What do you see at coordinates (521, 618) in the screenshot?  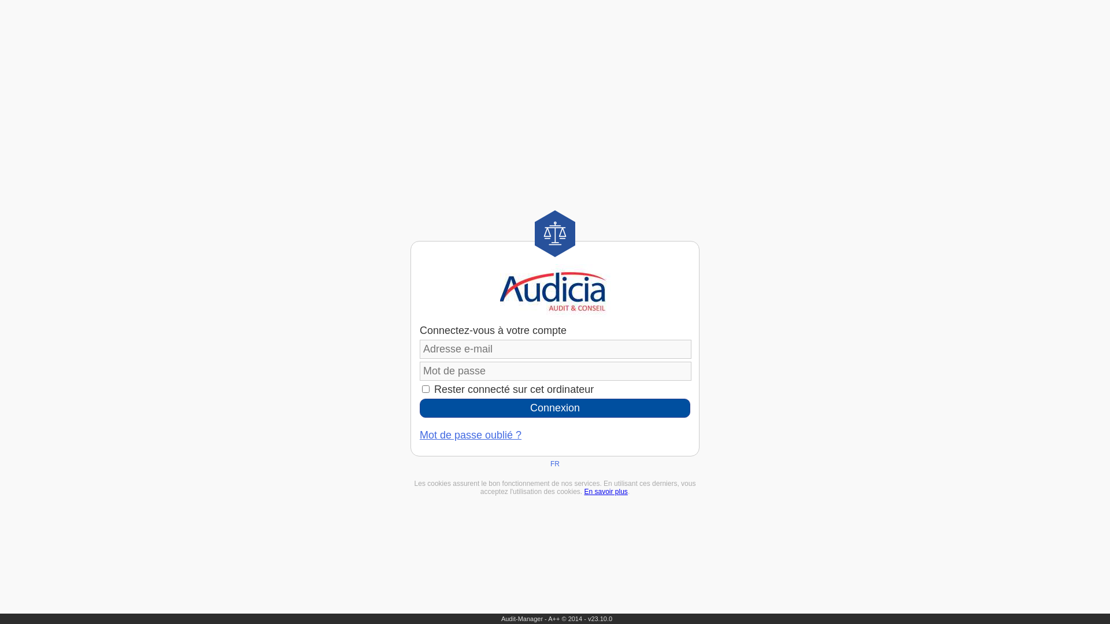 I see `'Audit-Manager'` at bounding box center [521, 618].